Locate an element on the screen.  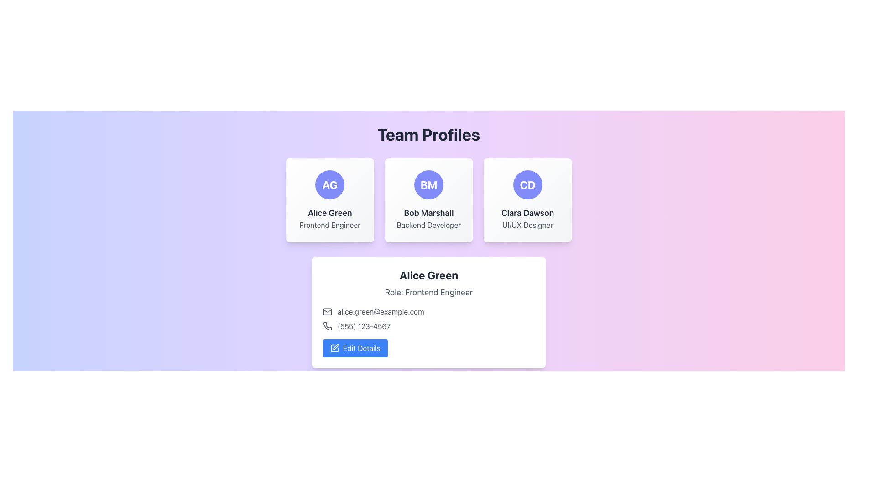
the icon representing the function of editing details, which is located inside the blue button labeled 'Edit Details' for 'Alice Green', positioned to the left of the button's text is located at coordinates (334, 348).